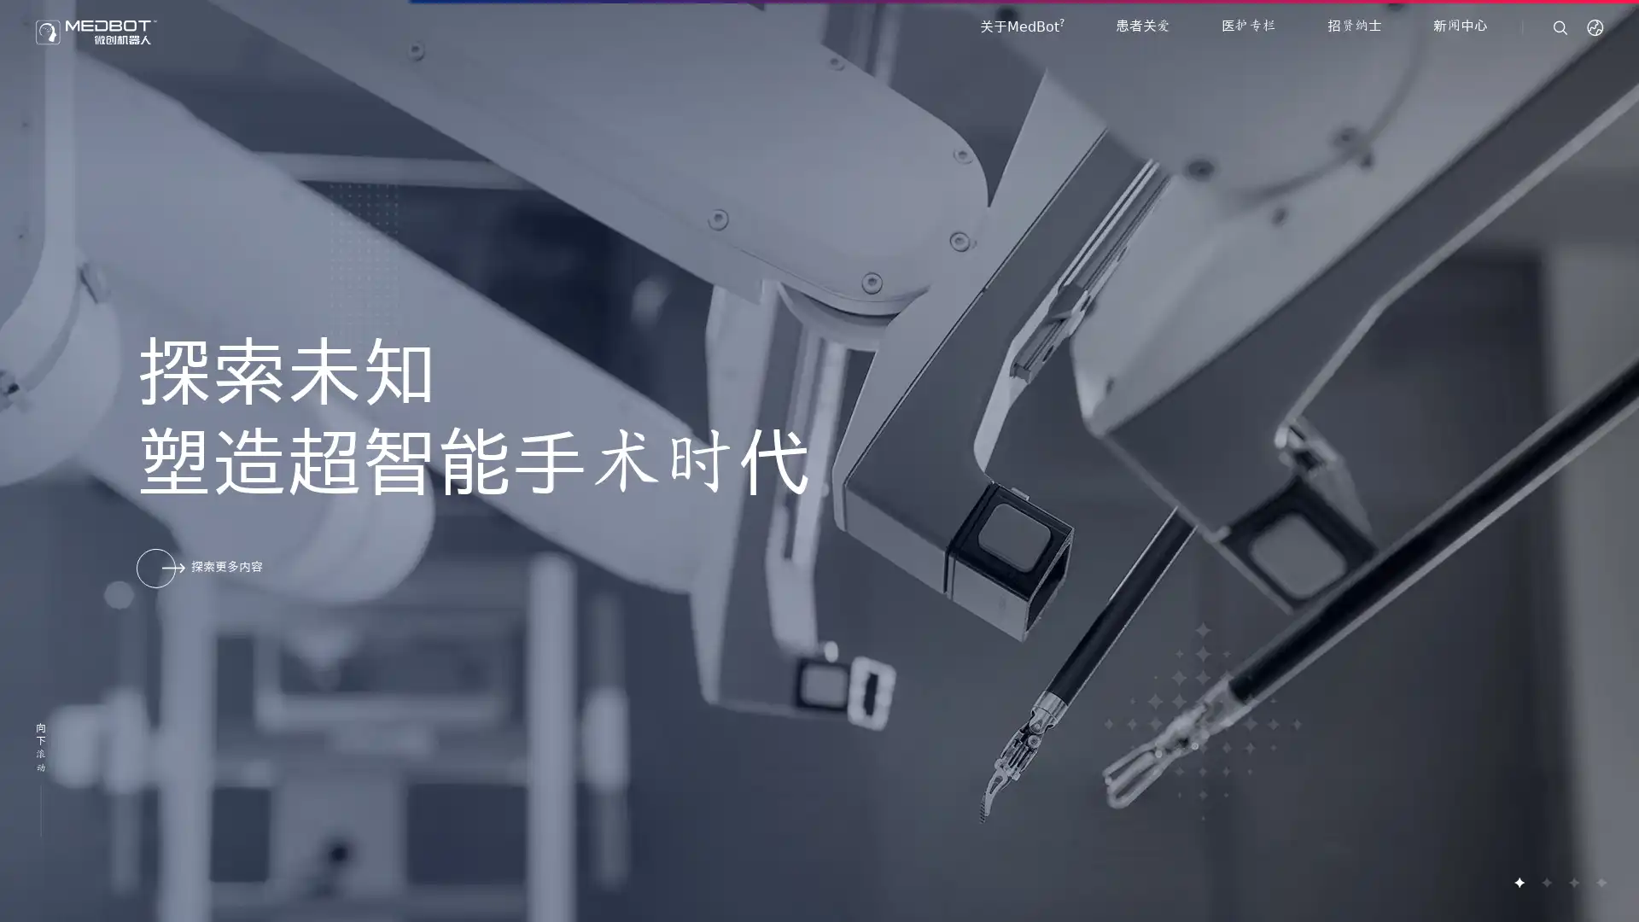 The image size is (1639, 922). I want to click on Go to slide 3, so click(1572, 882).